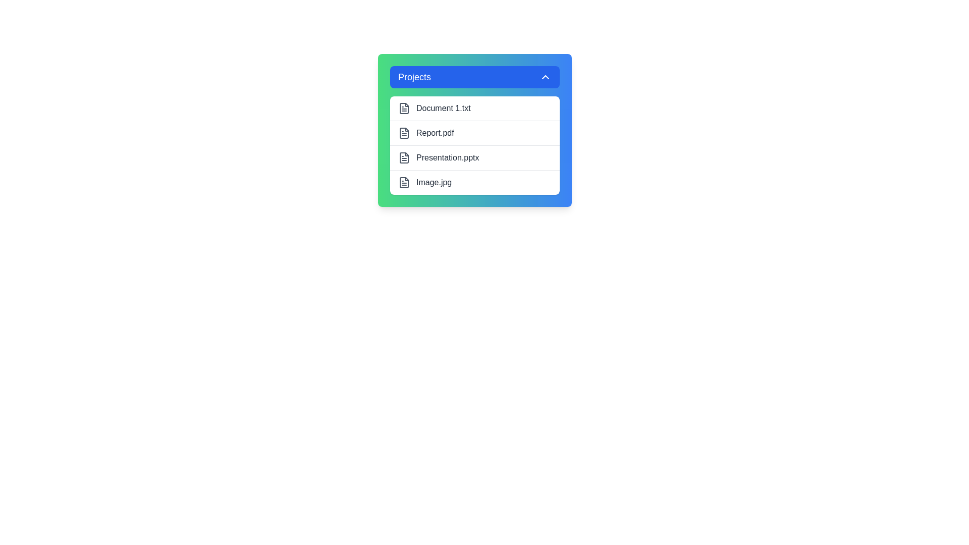 The width and height of the screenshot is (969, 545). Describe the element at coordinates (474, 132) in the screenshot. I see `the file Report.pdf from the list` at that location.